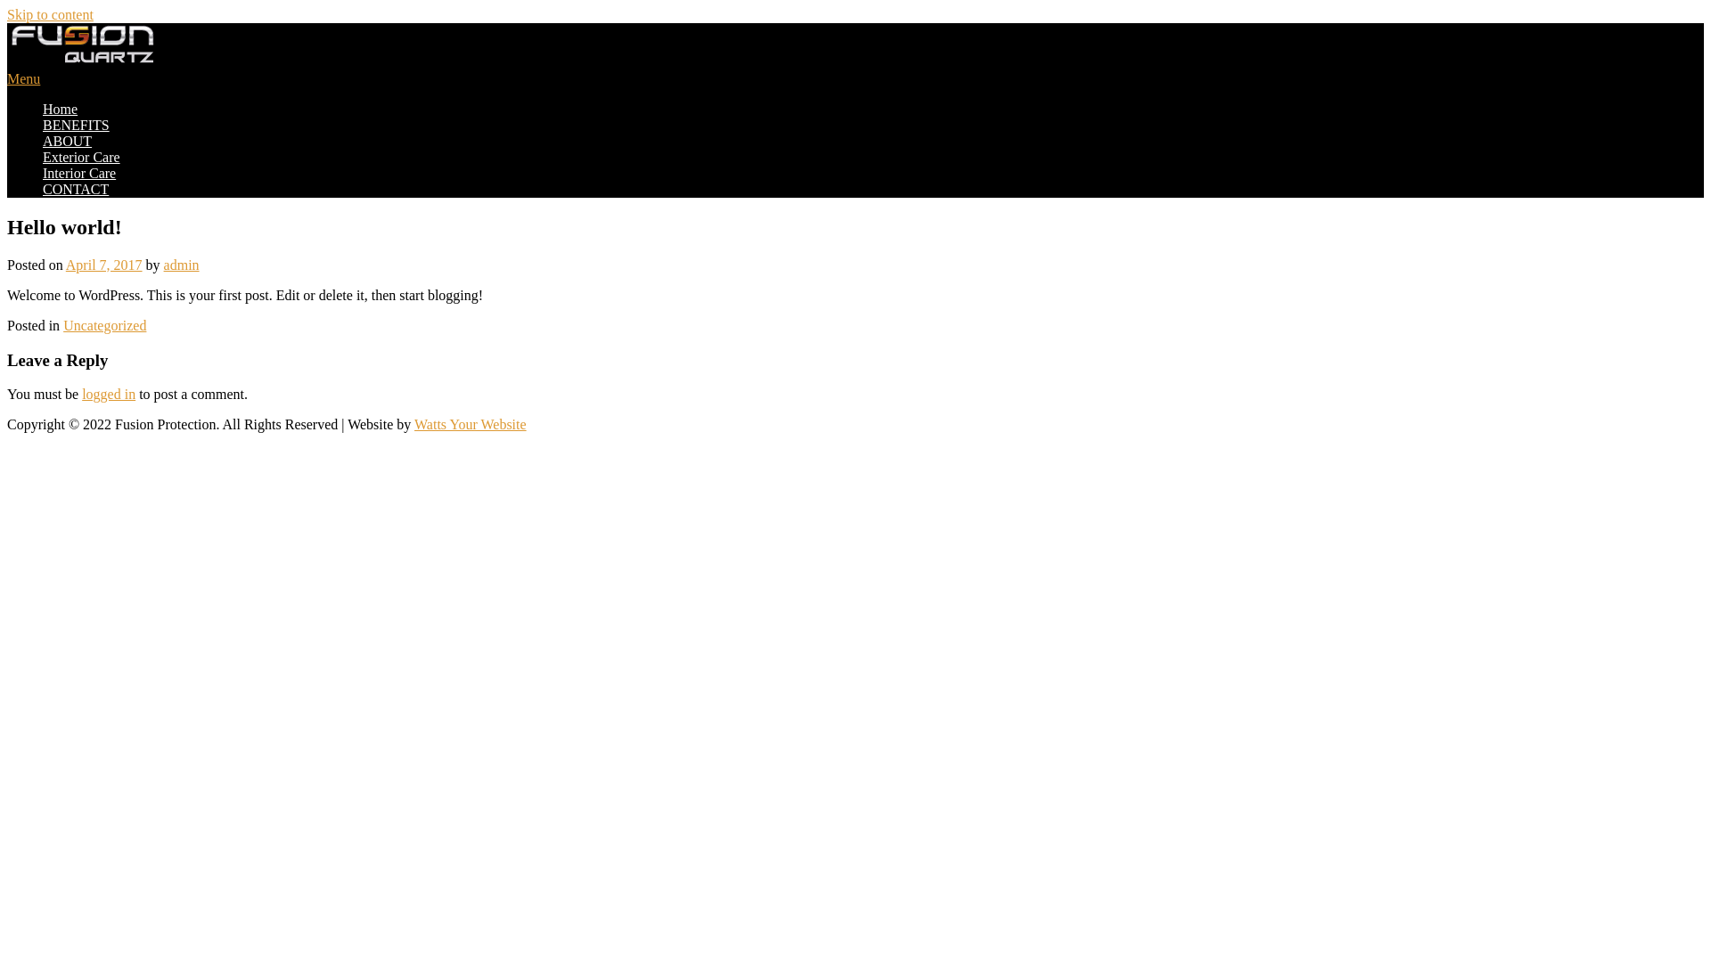  I want to click on 'Skip to content', so click(50, 14).